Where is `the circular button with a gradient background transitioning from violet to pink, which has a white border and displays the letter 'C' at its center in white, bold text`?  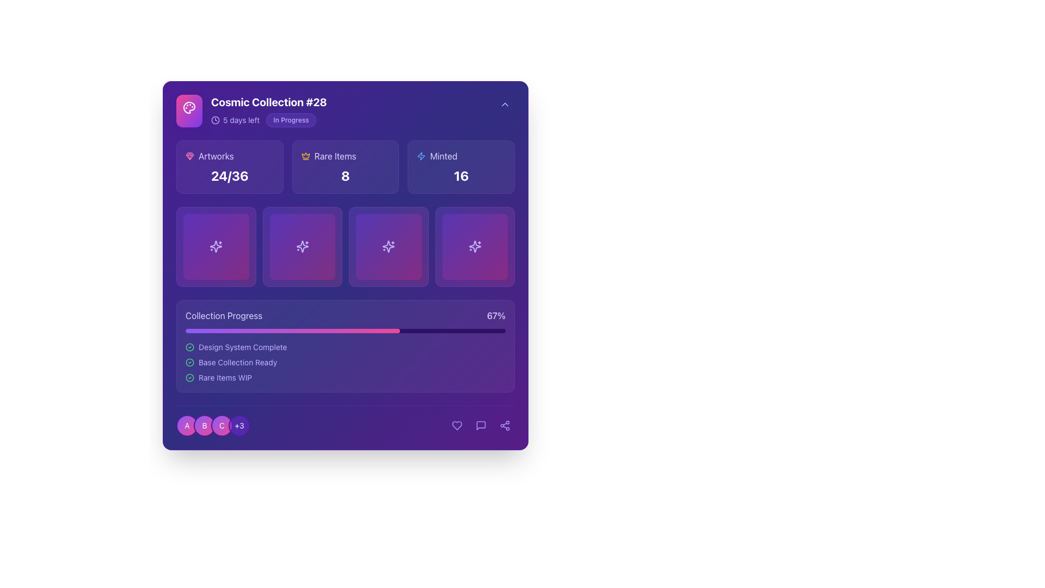
the circular button with a gradient background transitioning from violet to pink, which has a white border and displays the letter 'C' at its center in white, bold text is located at coordinates (222, 425).